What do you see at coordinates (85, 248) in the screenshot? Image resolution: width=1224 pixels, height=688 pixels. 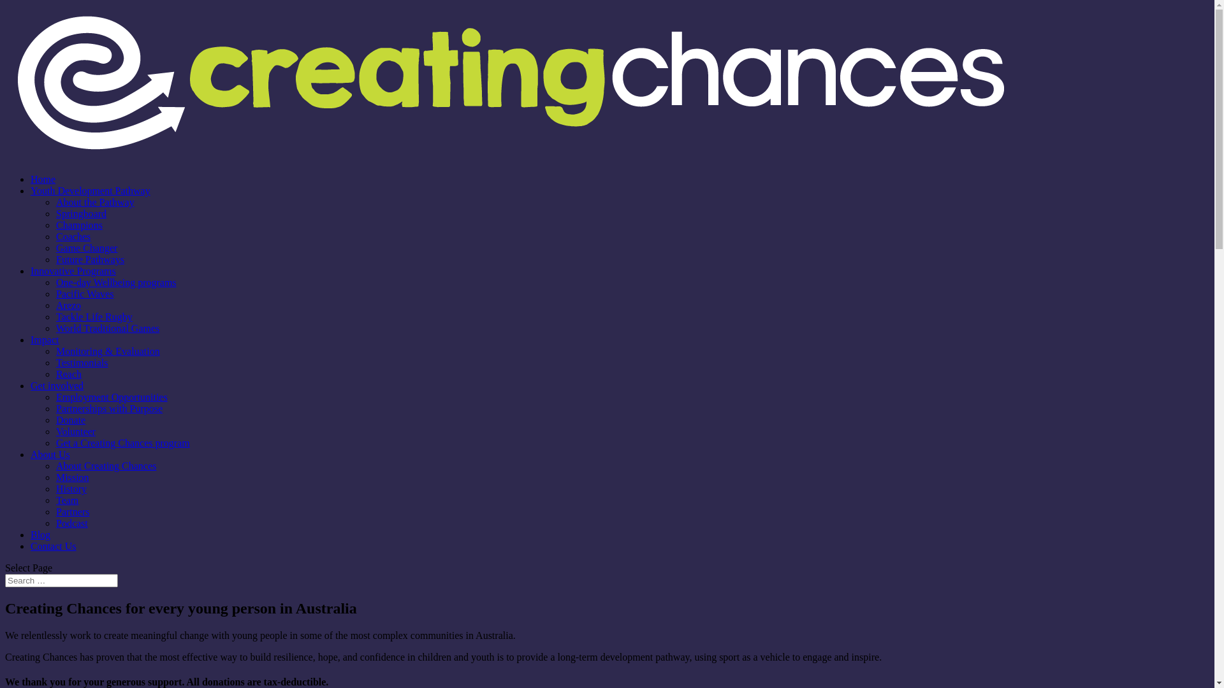 I see `'Game Changer'` at bounding box center [85, 248].